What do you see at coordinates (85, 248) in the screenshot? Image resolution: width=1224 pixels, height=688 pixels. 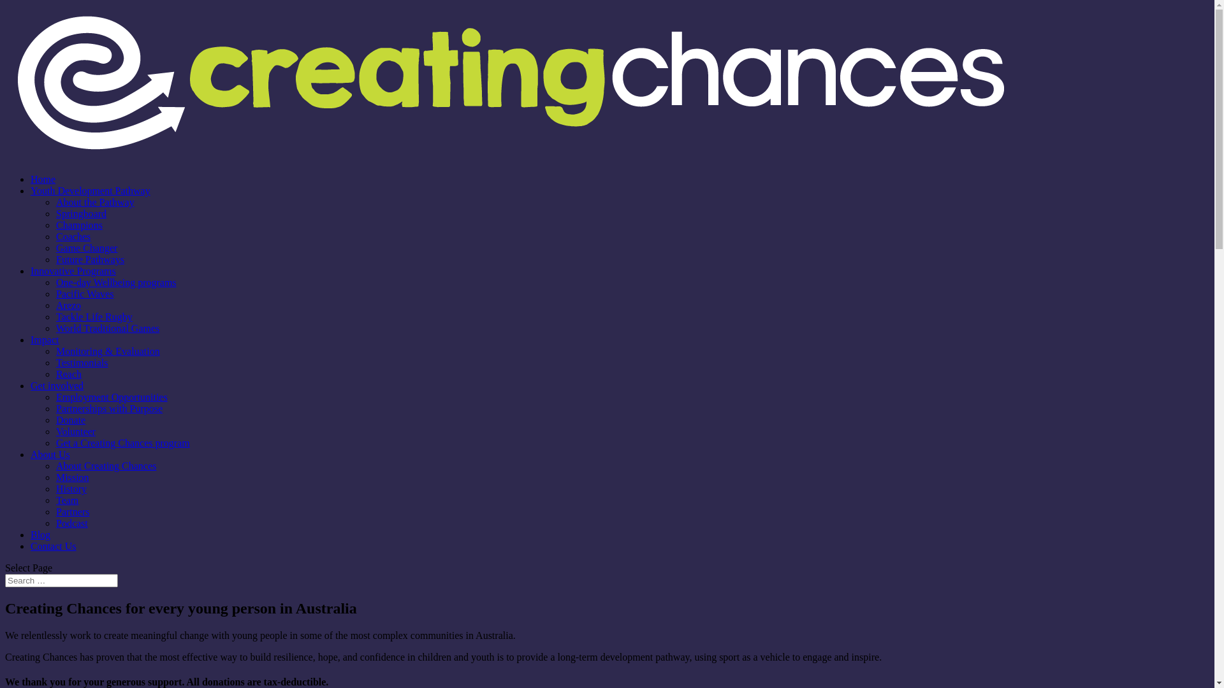 I see `'Game Changer'` at bounding box center [85, 248].